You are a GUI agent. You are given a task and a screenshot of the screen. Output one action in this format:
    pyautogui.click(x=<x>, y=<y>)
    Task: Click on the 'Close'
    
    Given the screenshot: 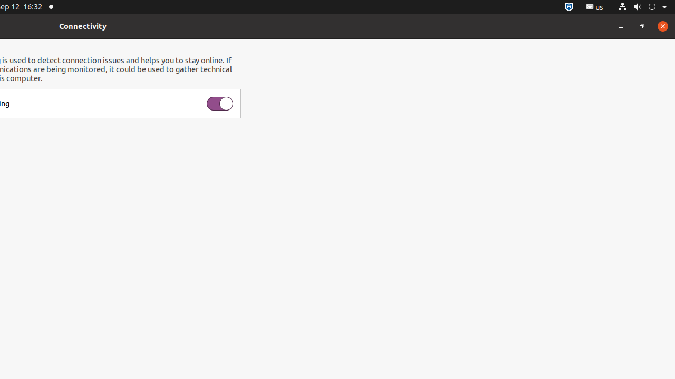 What is the action you would take?
    pyautogui.click(x=662, y=25)
    